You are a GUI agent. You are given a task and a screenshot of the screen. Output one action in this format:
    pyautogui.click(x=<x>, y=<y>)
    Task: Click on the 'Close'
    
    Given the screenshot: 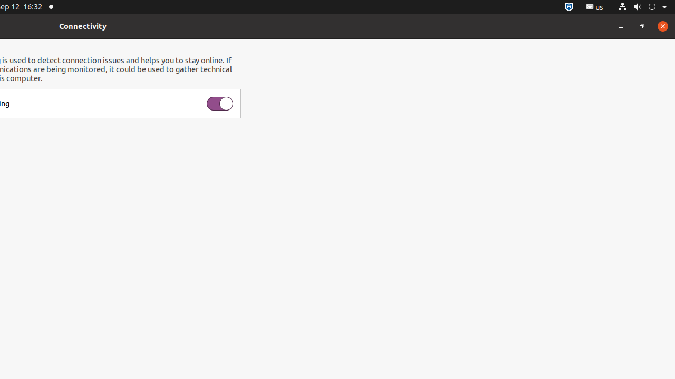 What is the action you would take?
    pyautogui.click(x=662, y=25)
    